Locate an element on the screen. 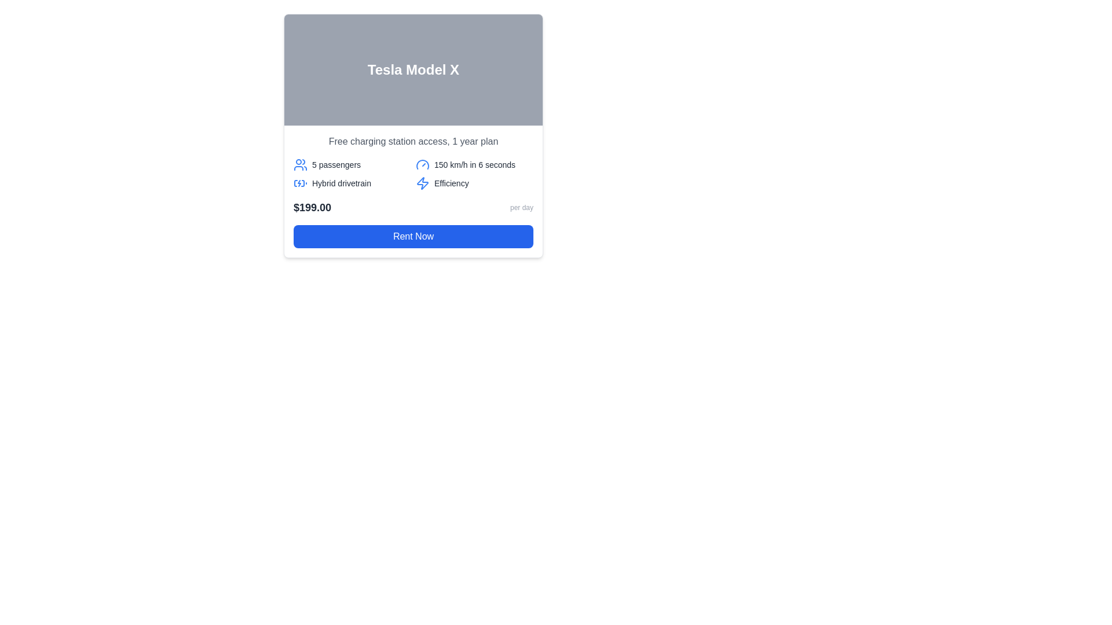 This screenshot has height=625, width=1112. the hybrid drivetrain icon located in the left section of the second row of content blocks below the heading 'Tesla Model X' is located at coordinates (300, 182).